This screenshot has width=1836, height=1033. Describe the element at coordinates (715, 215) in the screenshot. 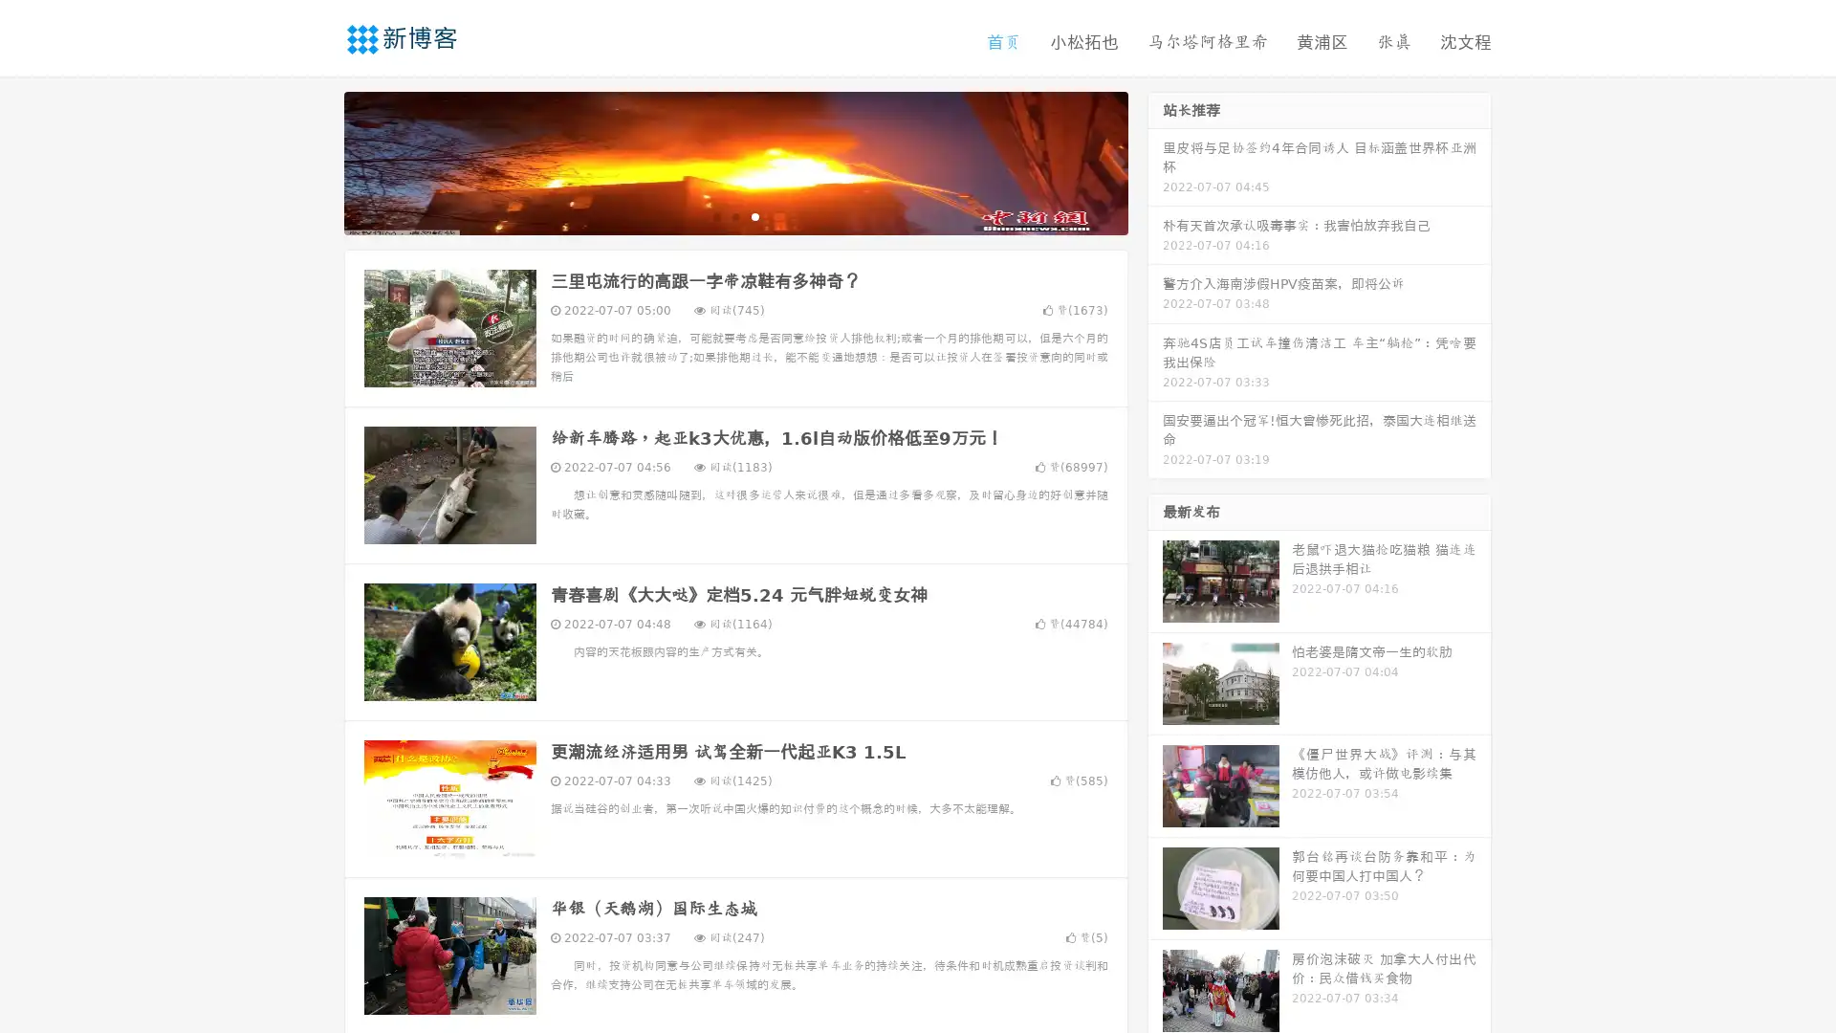

I see `Go to slide 1` at that location.